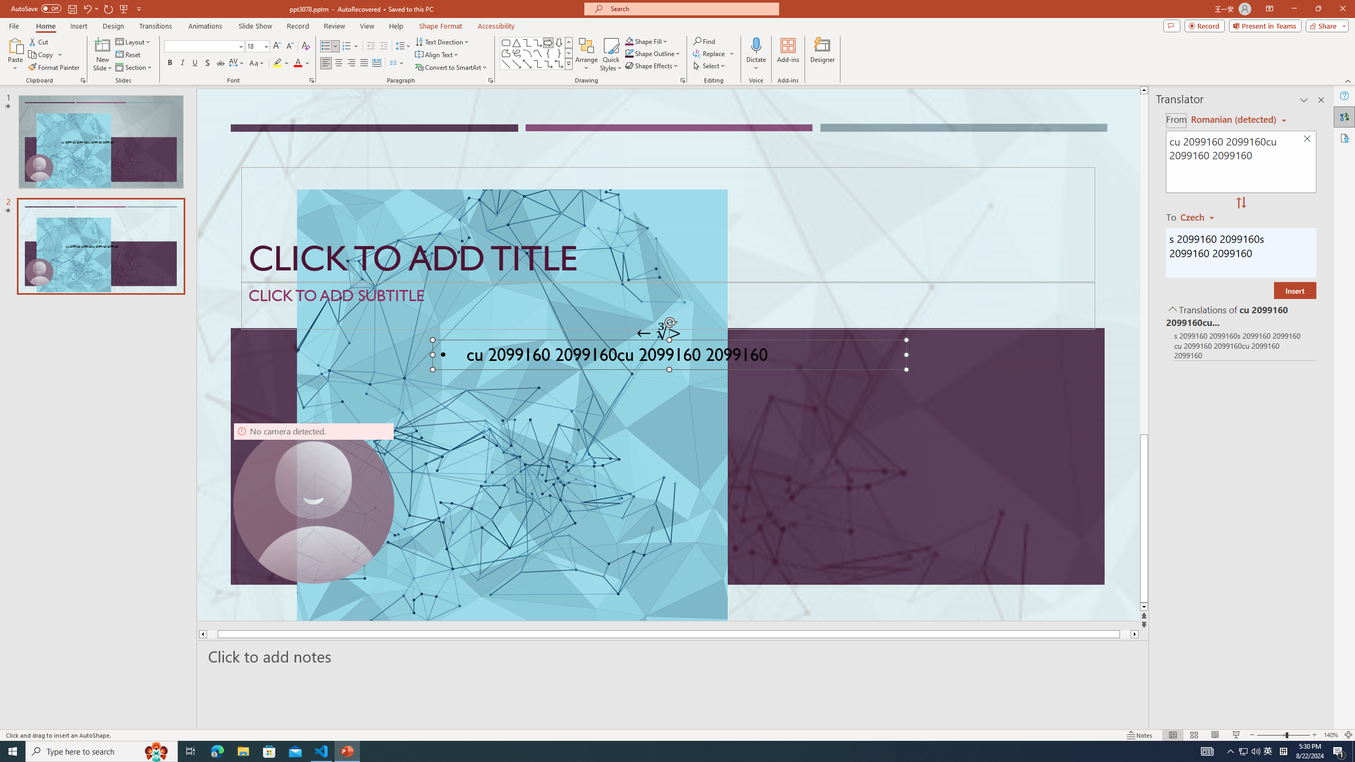  Describe the element at coordinates (526, 63) in the screenshot. I see `'Line Arrow: Double'` at that location.